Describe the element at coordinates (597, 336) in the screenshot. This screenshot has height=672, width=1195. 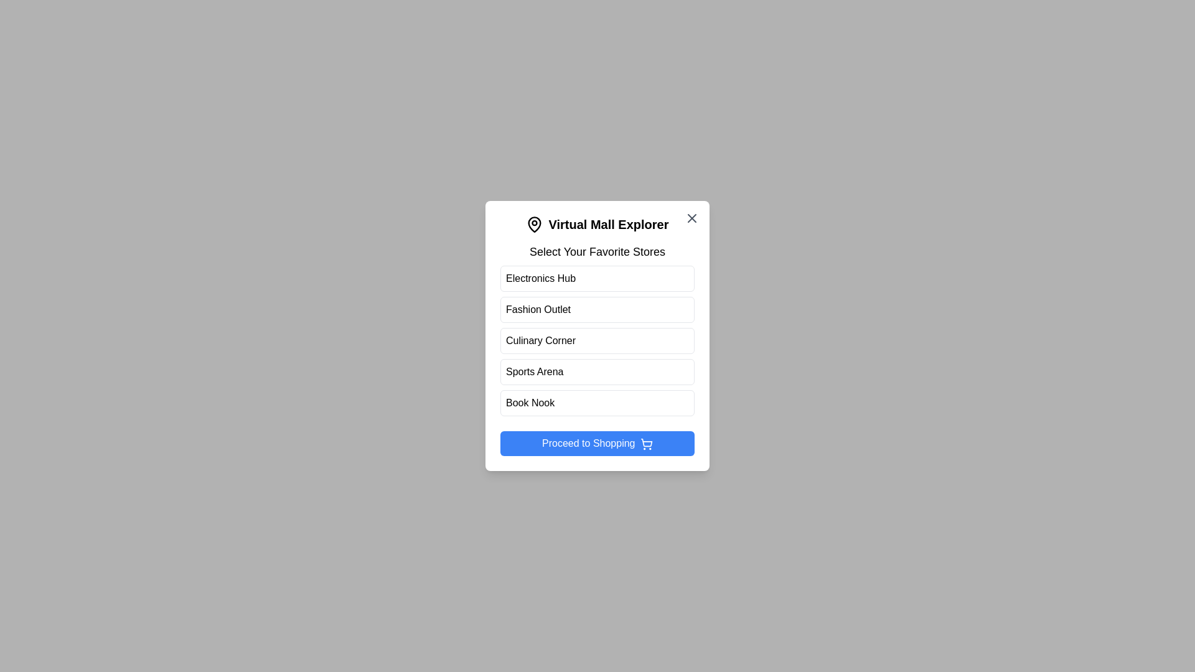
I see `the 'Culinary Corner' selectable option in the list` at that location.